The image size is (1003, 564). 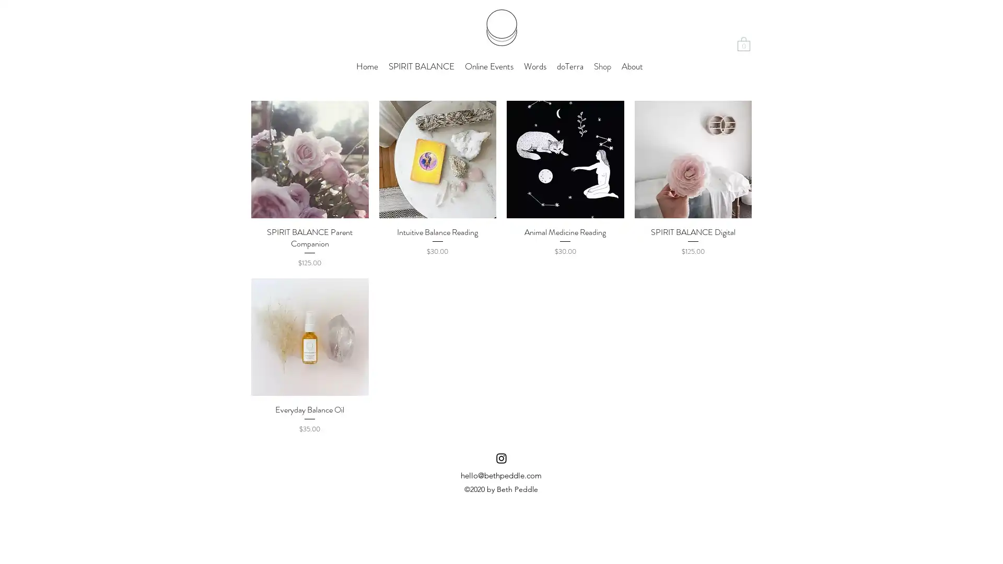 I want to click on Quick View, so click(x=309, y=408).